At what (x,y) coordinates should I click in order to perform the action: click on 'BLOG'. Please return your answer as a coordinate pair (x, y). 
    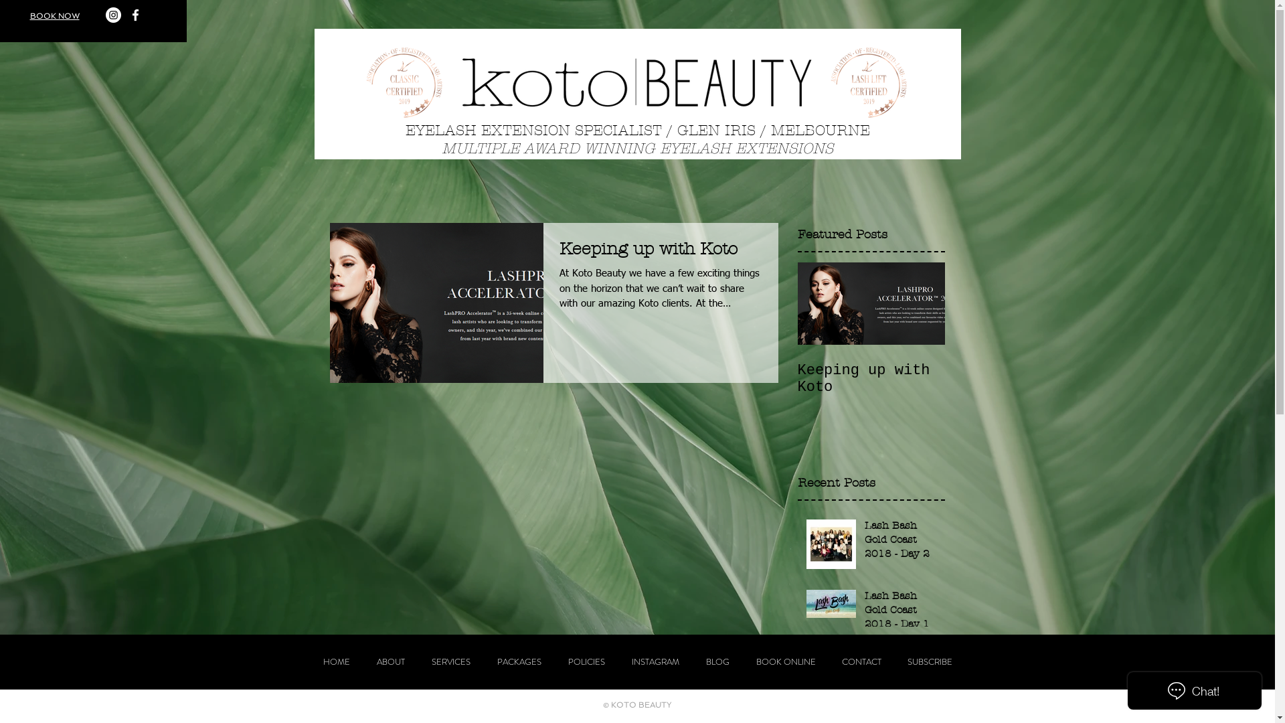
    Looking at the image, I should click on (716, 661).